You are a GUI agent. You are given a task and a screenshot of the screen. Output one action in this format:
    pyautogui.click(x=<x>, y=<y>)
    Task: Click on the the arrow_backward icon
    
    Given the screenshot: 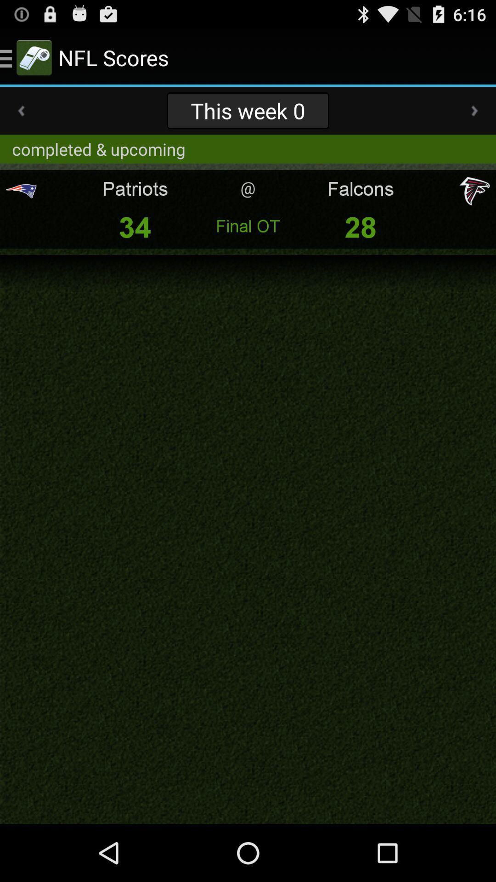 What is the action you would take?
    pyautogui.click(x=21, y=118)
    